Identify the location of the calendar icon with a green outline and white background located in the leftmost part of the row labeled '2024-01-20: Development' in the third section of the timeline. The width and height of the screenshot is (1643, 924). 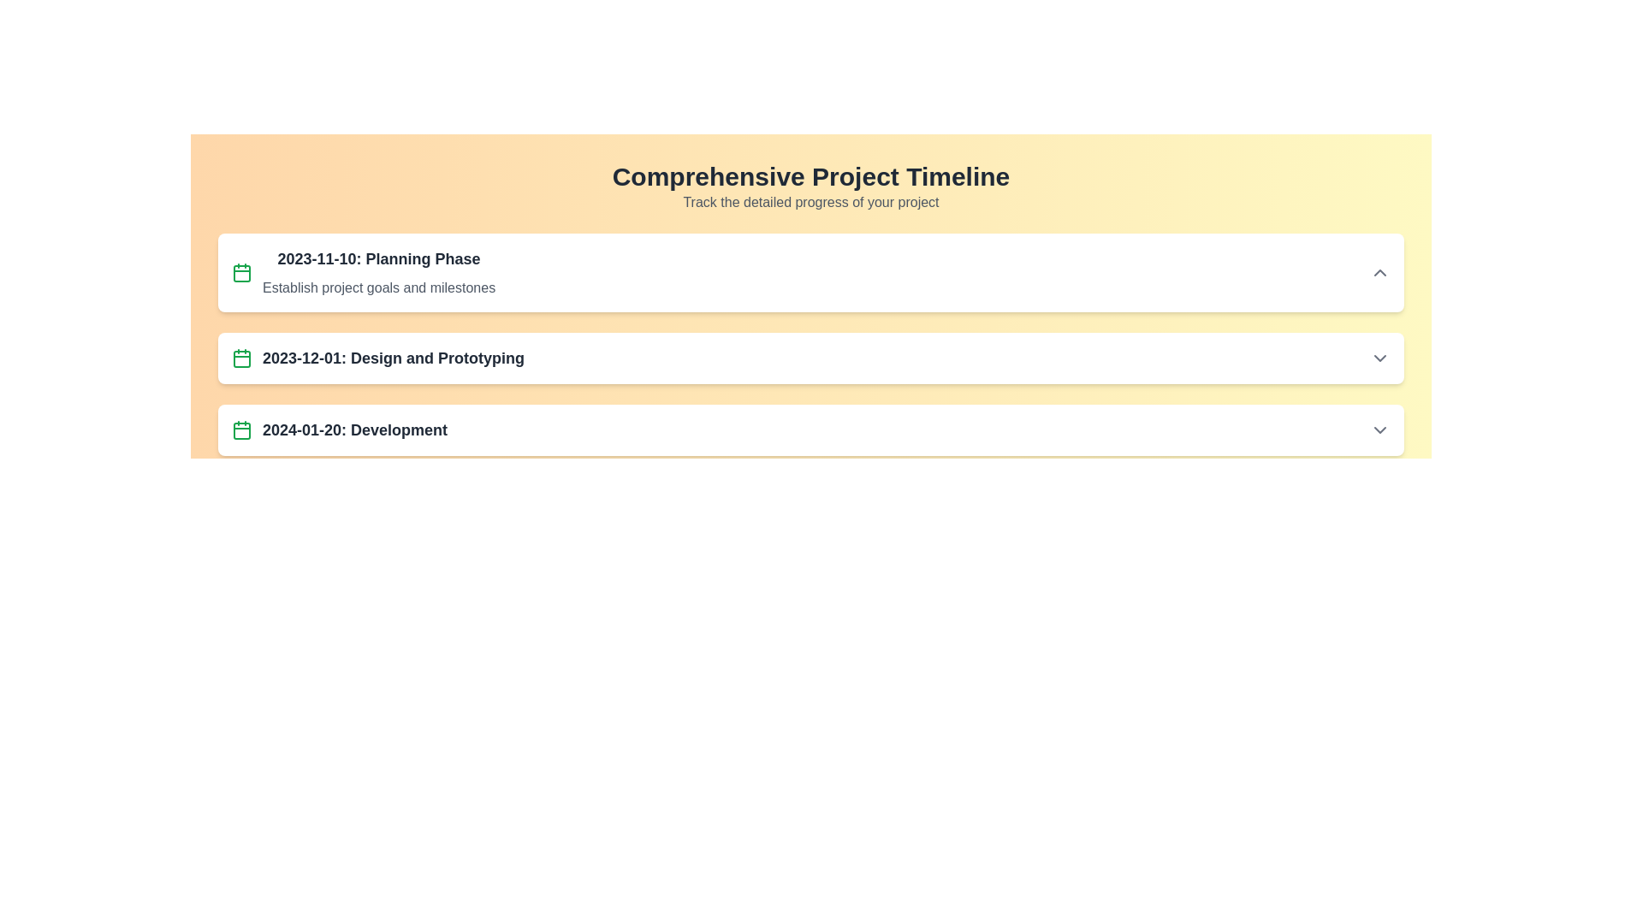
(241, 429).